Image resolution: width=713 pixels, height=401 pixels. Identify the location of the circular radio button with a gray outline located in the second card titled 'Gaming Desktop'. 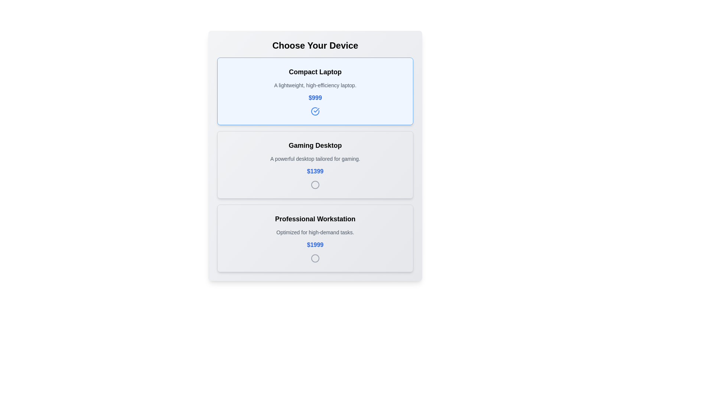
(315, 184).